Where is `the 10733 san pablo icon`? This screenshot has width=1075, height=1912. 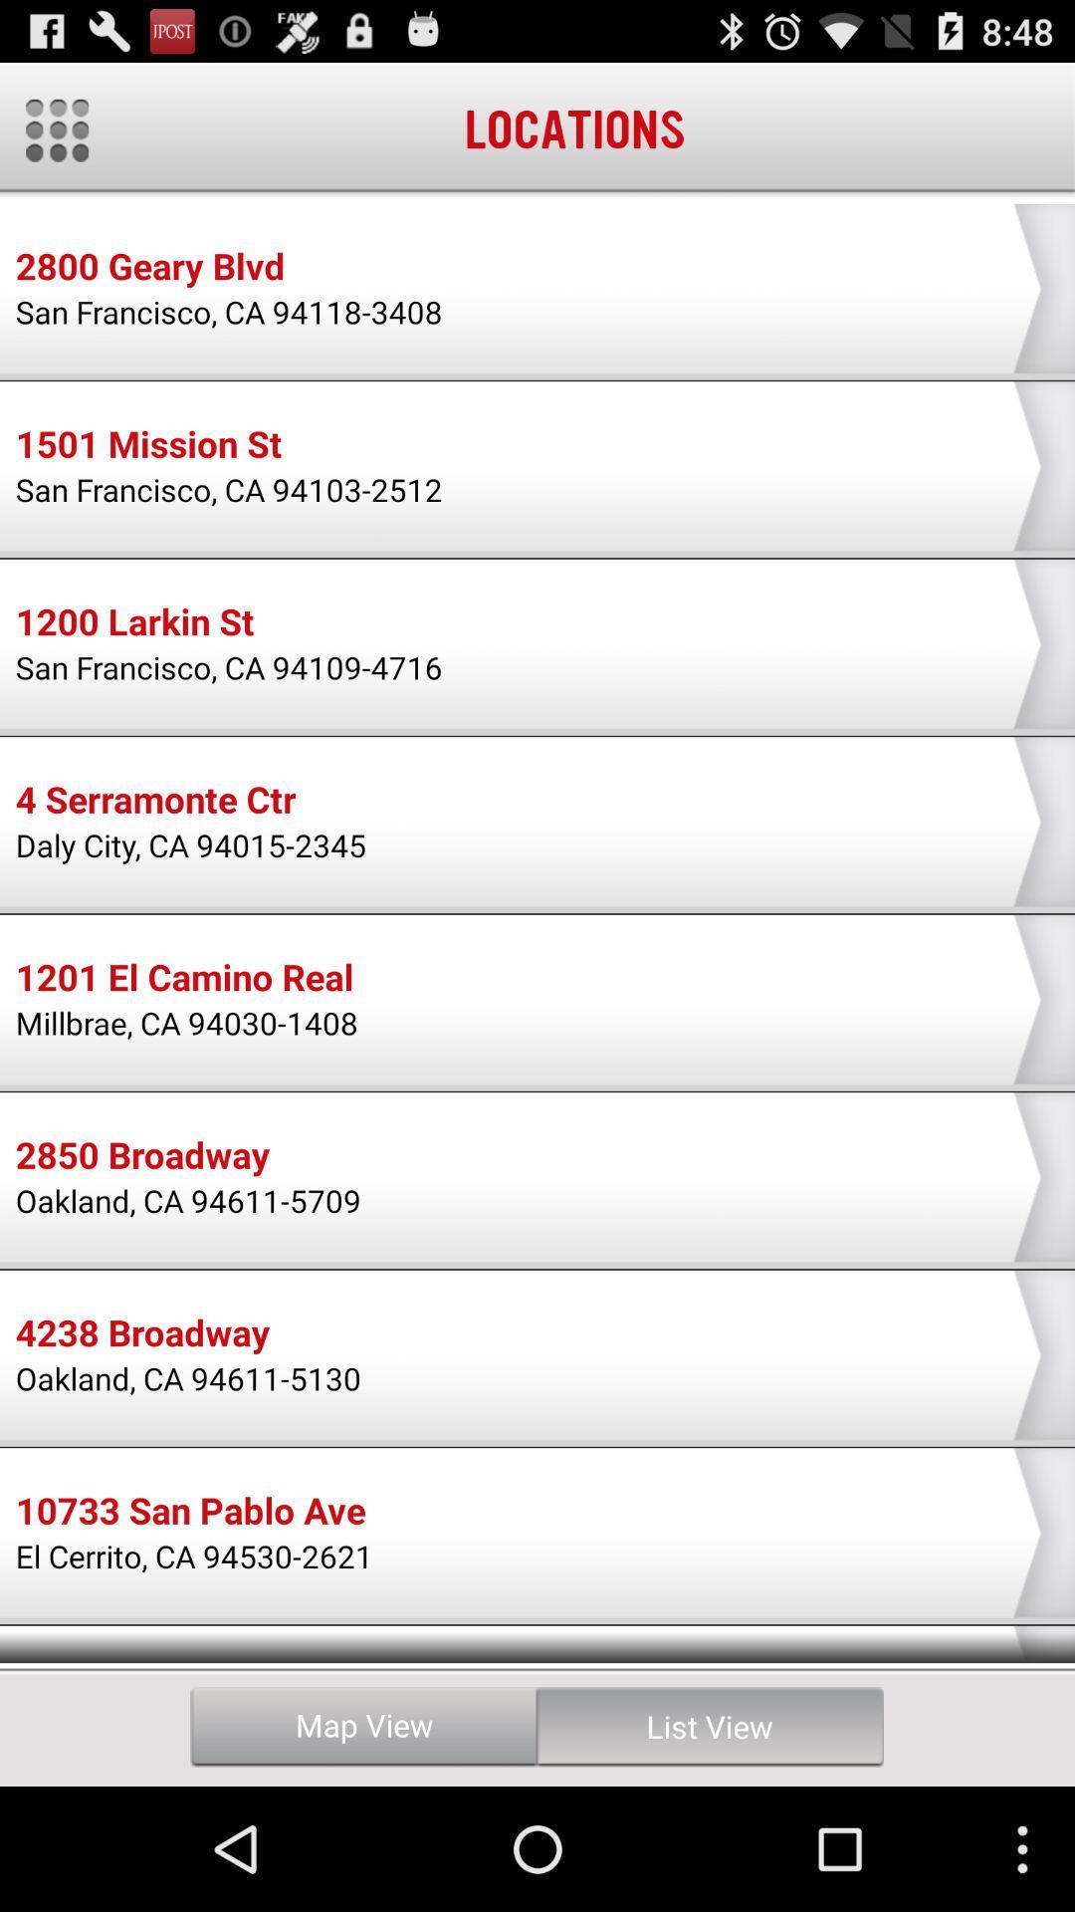 the 10733 san pablo icon is located at coordinates (190, 1514).